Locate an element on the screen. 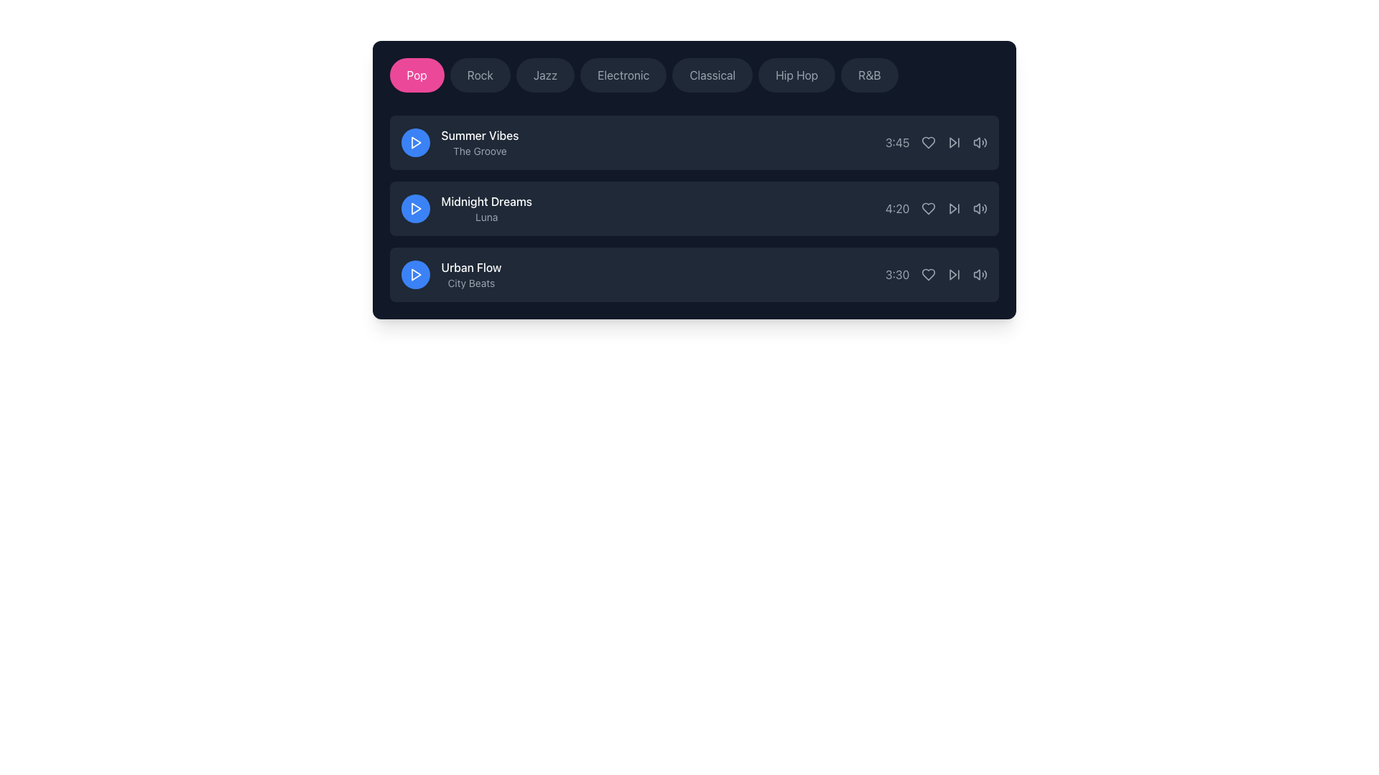 The image size is (1379, 775). title 'Summer Vibes' and subtitle 'The Groove' from the text label at the topmost position in the vertical list is located at coordinates (460, 143).